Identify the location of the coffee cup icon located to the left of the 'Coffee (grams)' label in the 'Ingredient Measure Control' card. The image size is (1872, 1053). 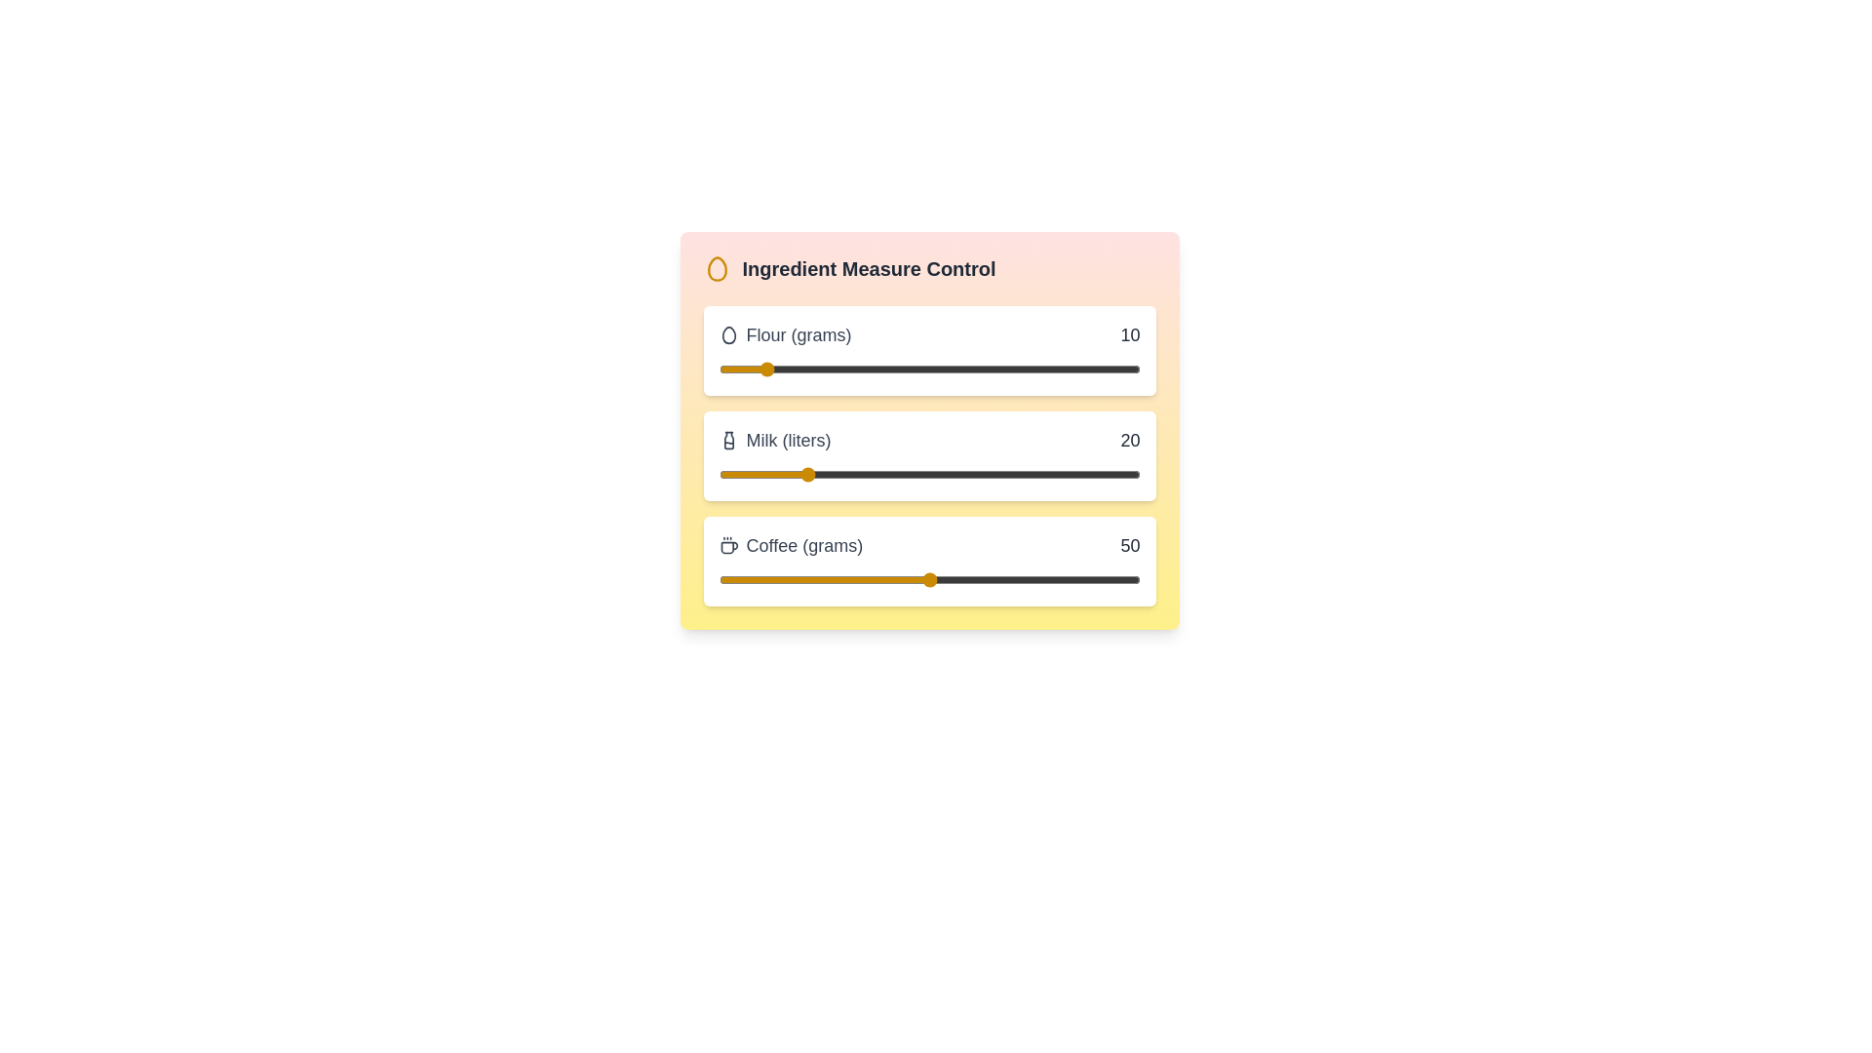
(727, 545).